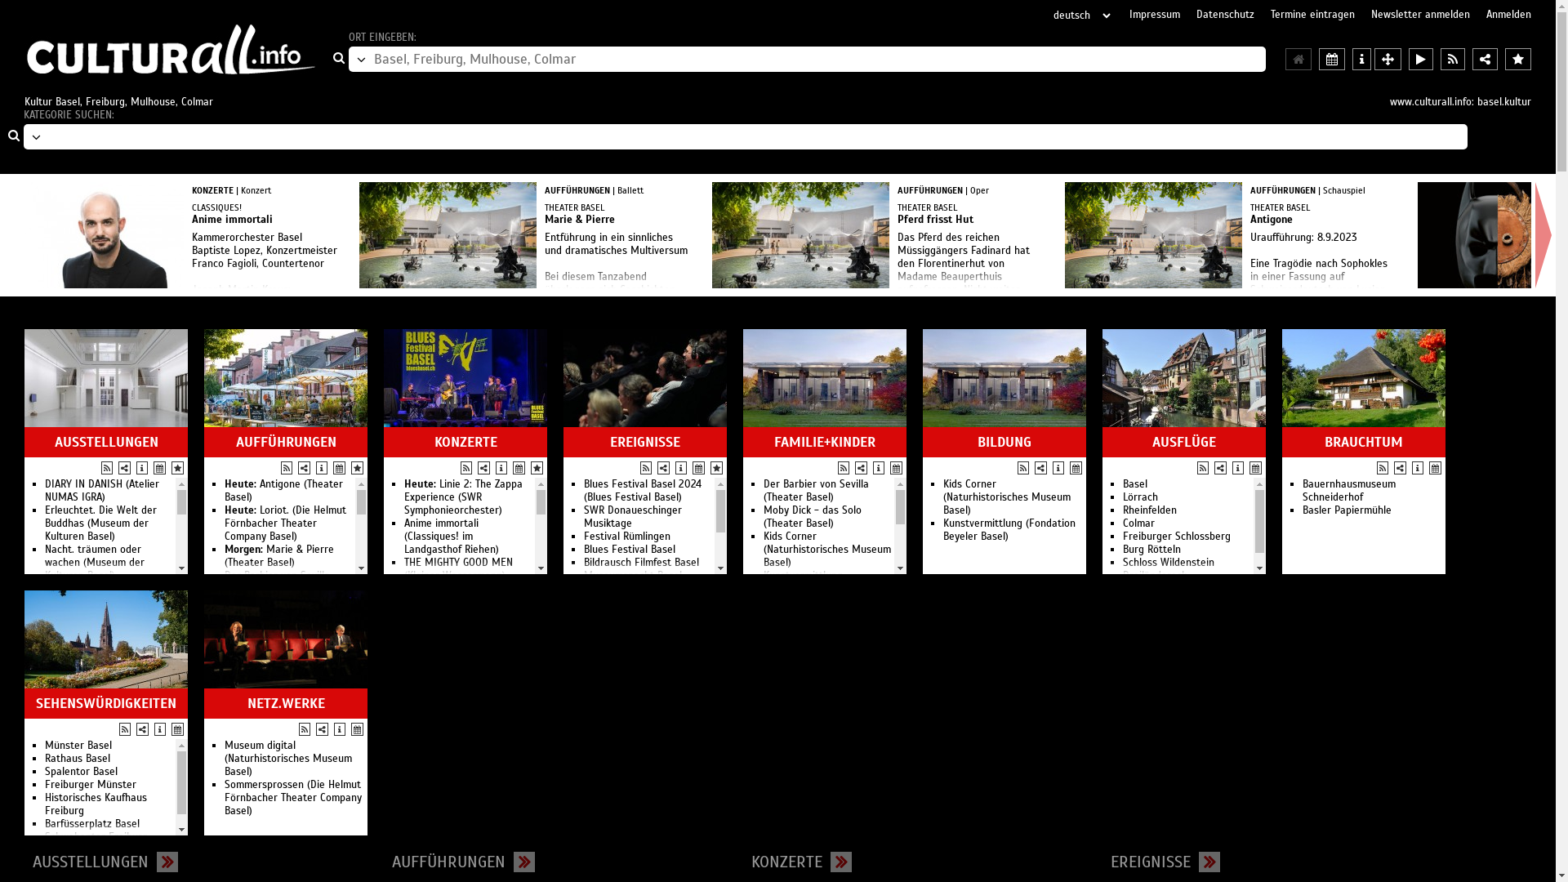 This screenshot has width=1568, height=882. I want to click on 'Schwabentor Freiburg', so click(96, 837).